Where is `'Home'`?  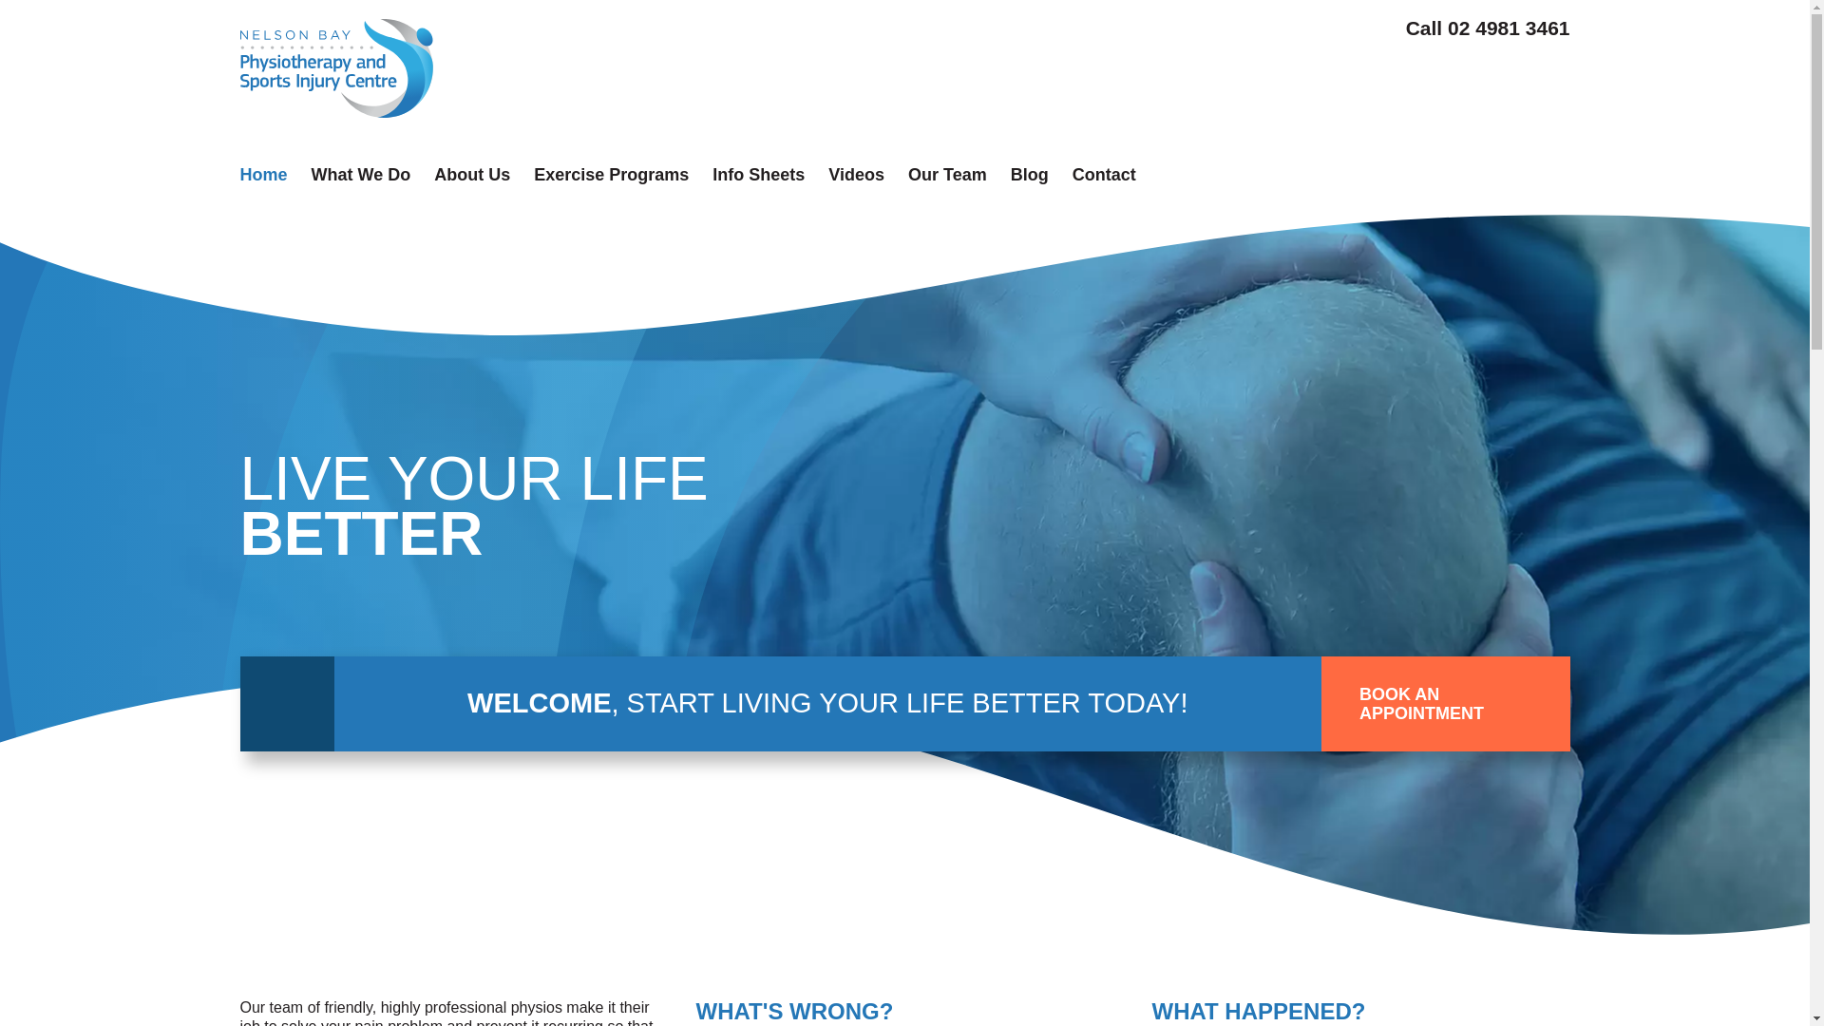 'Home' is located at coordinates (262, 175).